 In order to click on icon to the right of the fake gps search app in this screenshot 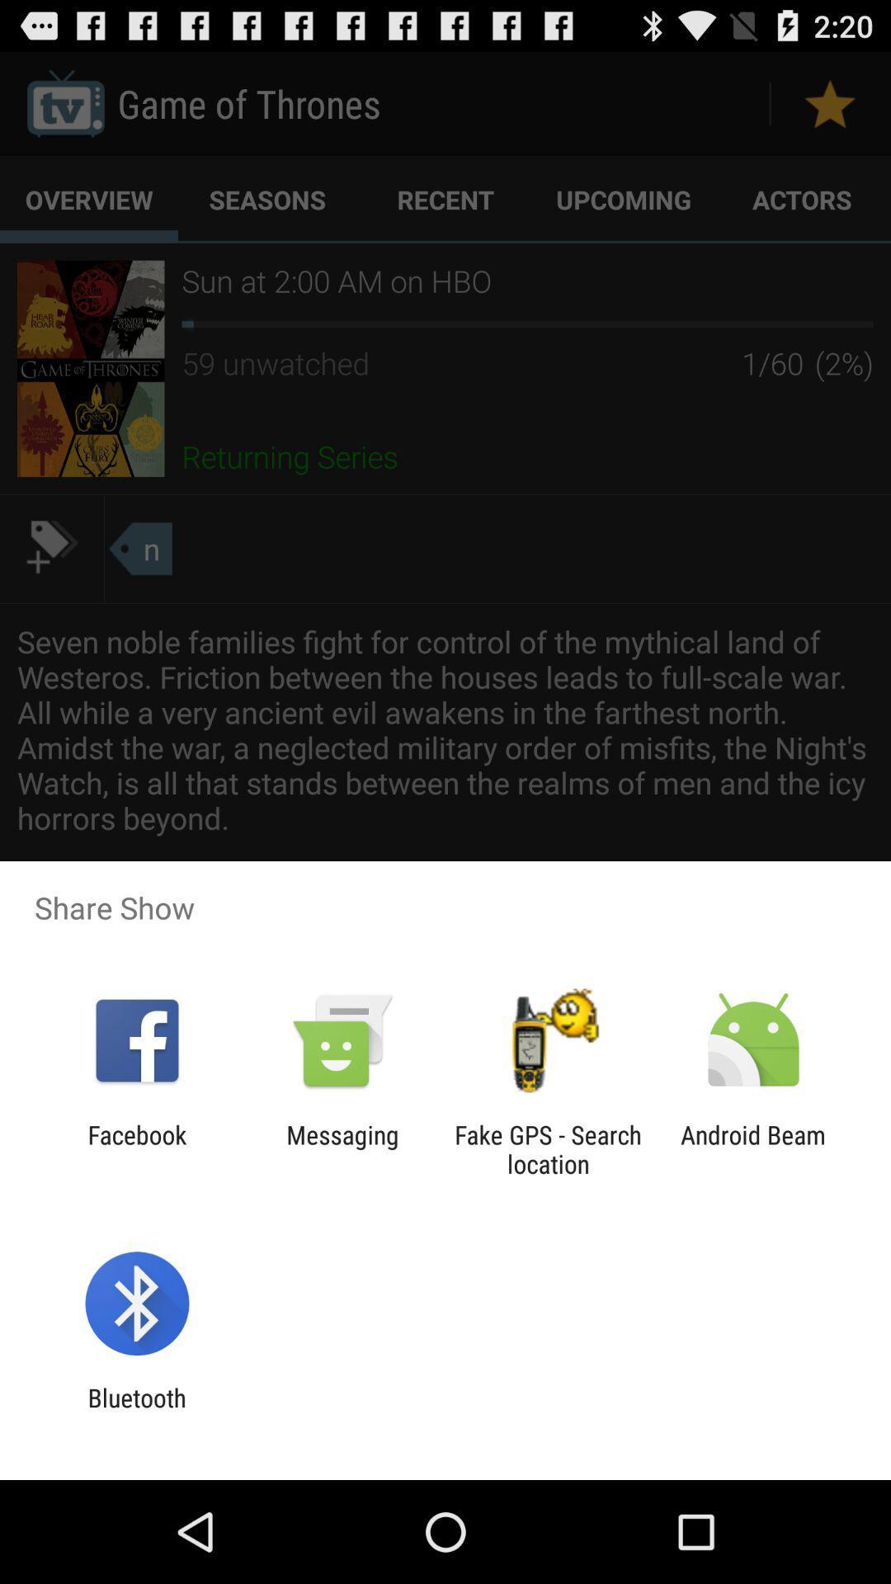, I will do `click(753, 1148)`.